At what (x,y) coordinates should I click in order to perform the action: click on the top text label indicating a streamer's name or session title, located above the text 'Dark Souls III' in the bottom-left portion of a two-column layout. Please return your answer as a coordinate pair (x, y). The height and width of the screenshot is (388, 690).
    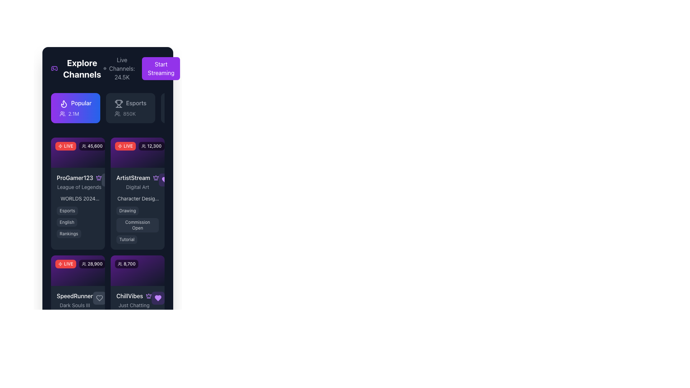
    Looking at the image, I should click on (75, 296).